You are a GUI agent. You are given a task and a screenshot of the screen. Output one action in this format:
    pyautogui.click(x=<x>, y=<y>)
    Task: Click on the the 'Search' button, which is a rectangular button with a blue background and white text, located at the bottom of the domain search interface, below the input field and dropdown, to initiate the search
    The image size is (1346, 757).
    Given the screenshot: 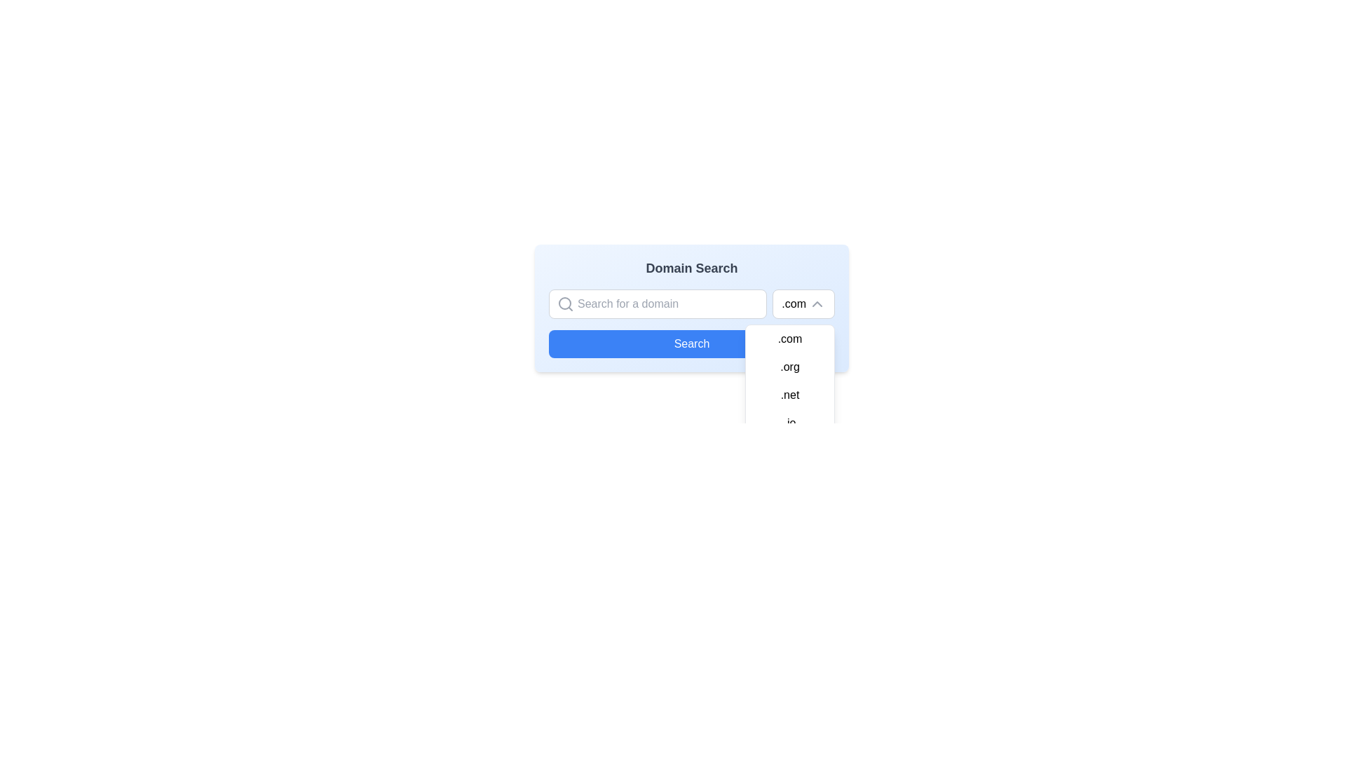 What is the action you would take?
    pyautogui.click(x=692, y=343)
    